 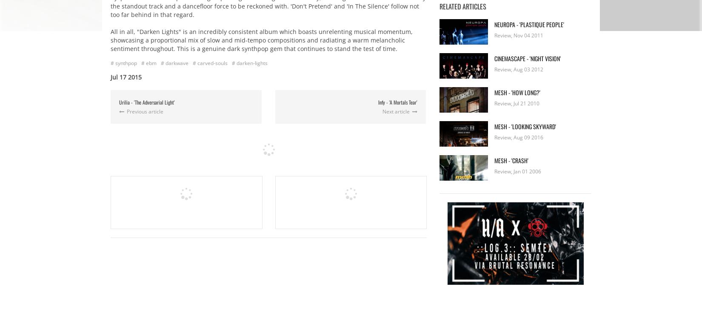 I want to click on 'Review, Aug 09 2016', so click(x=519, y=137).